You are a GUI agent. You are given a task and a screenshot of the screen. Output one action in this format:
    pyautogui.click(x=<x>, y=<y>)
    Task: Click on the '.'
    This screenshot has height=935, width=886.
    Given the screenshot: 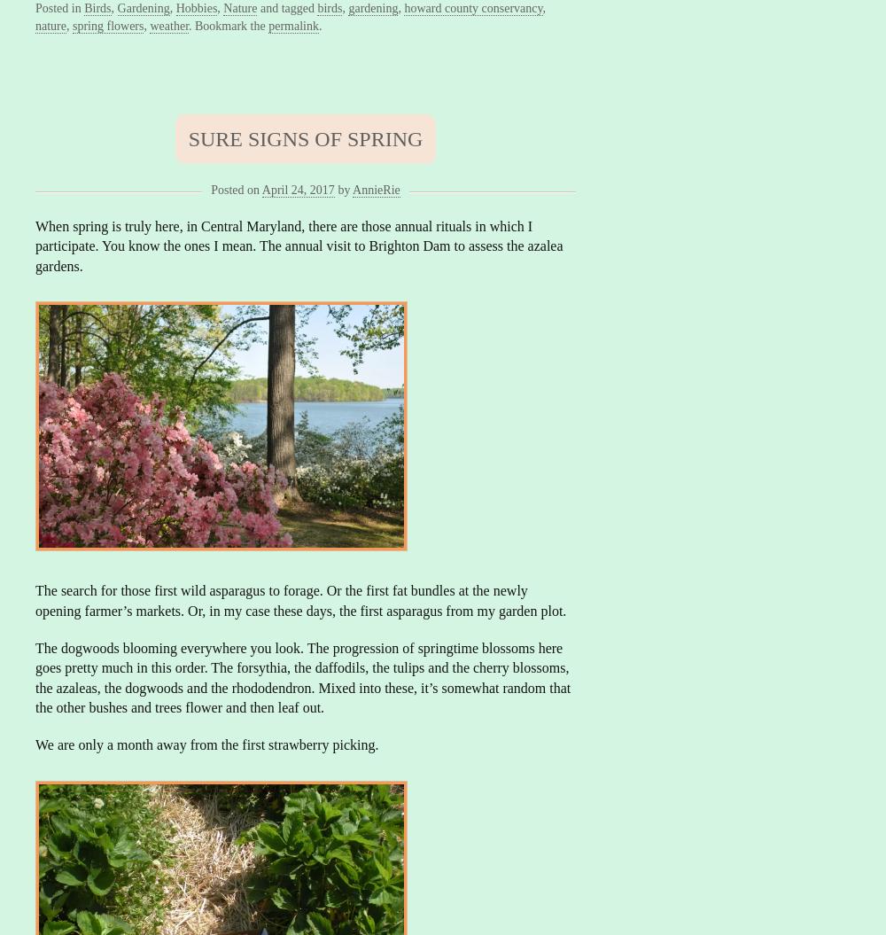 What is the action you would take?
    pyautogui.click(x=319, y=25)
    